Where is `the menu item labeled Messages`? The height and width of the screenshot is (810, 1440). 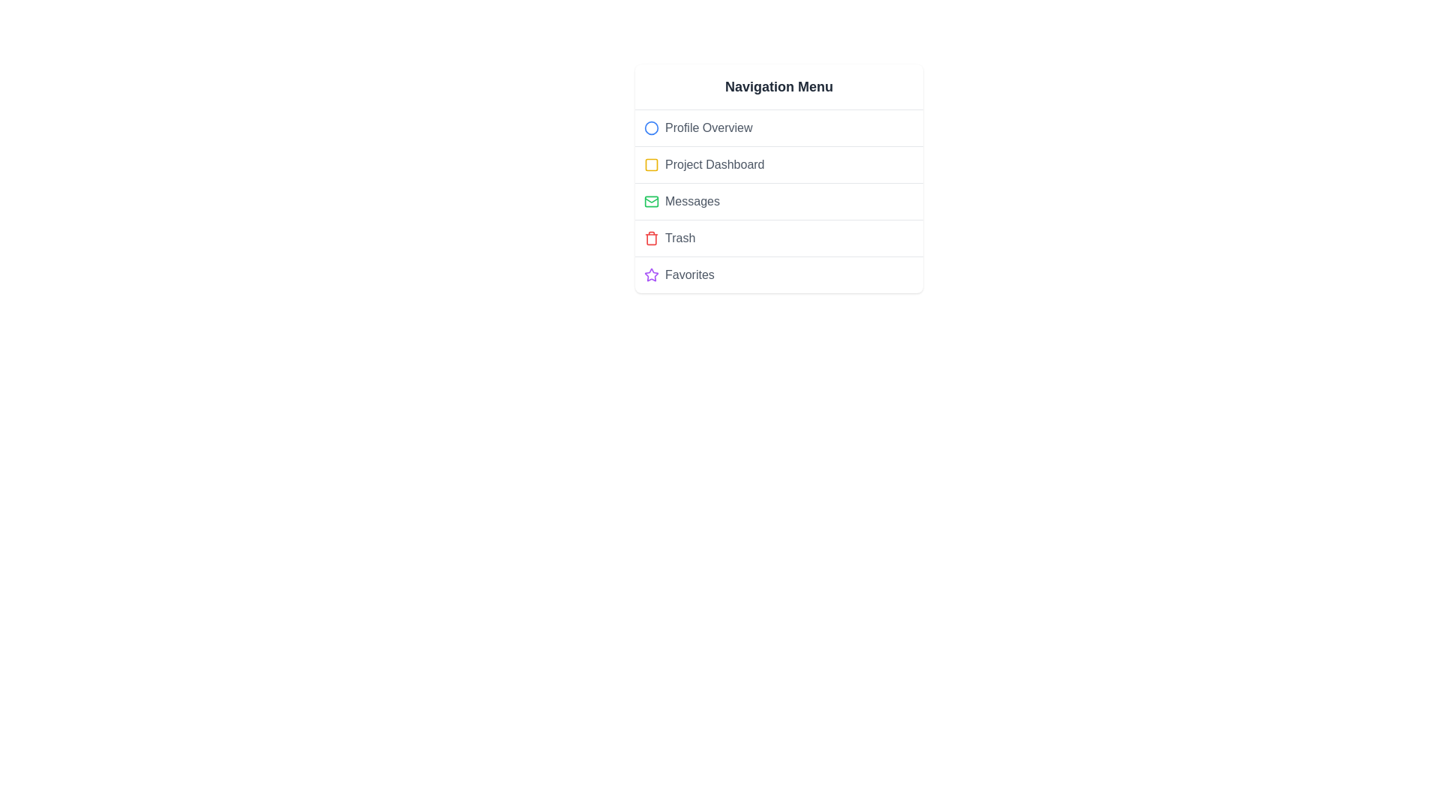 the menu item labeled Messages is located at coordinates (778, 200).